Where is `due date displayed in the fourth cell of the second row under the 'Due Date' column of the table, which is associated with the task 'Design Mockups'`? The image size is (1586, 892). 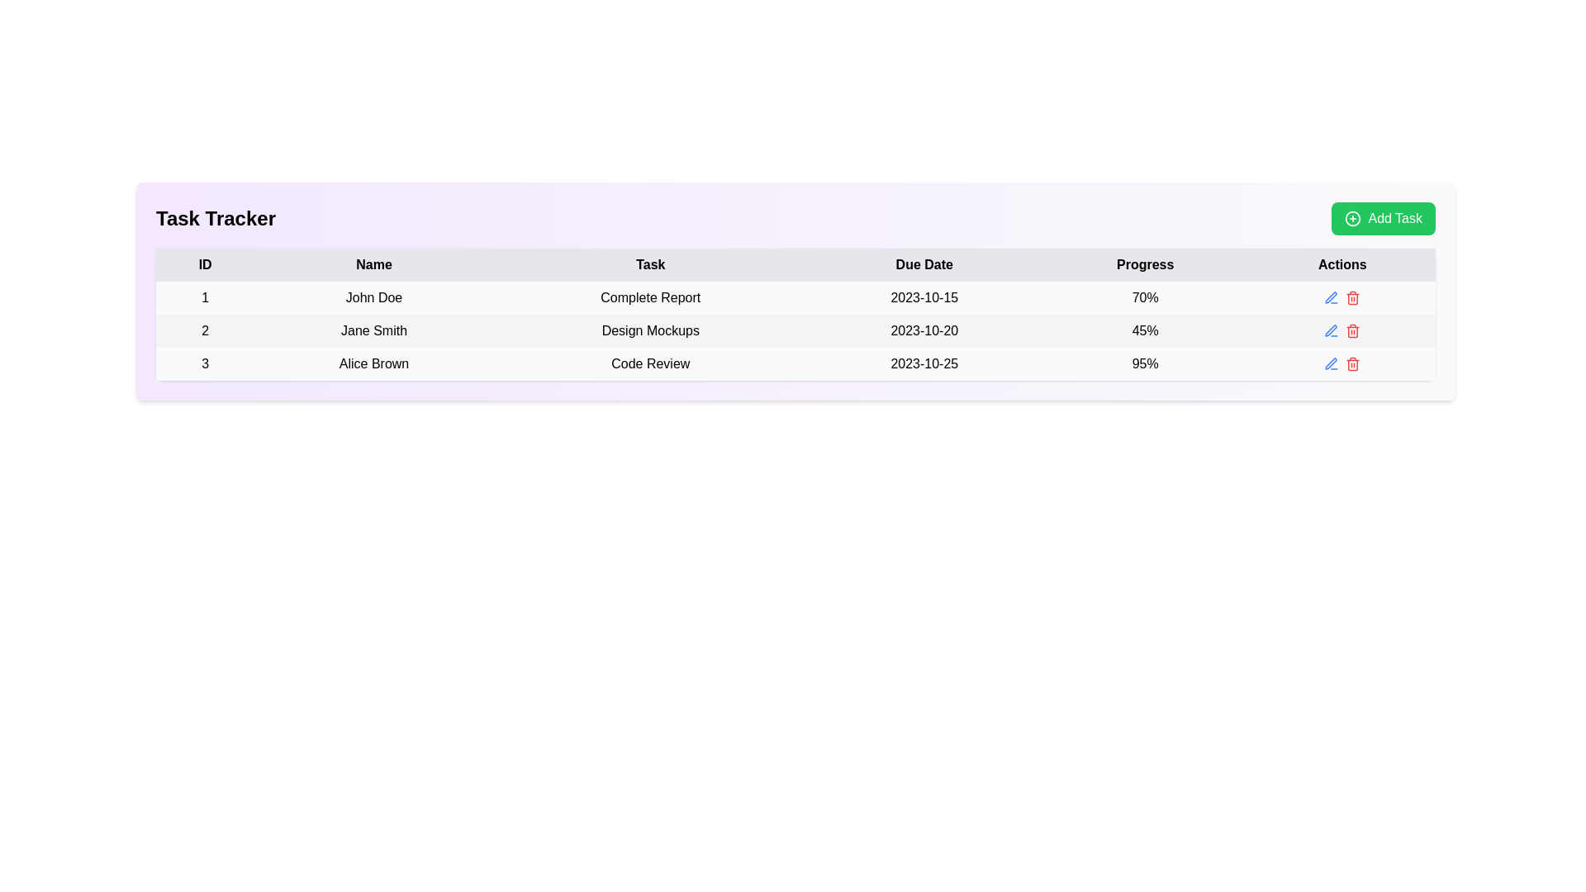
due date displayed in the fourth cell of the second row under the 'Due Date' column of the table, which is associated with the task 'Design Mockups' is located at coordinates (924, 331).